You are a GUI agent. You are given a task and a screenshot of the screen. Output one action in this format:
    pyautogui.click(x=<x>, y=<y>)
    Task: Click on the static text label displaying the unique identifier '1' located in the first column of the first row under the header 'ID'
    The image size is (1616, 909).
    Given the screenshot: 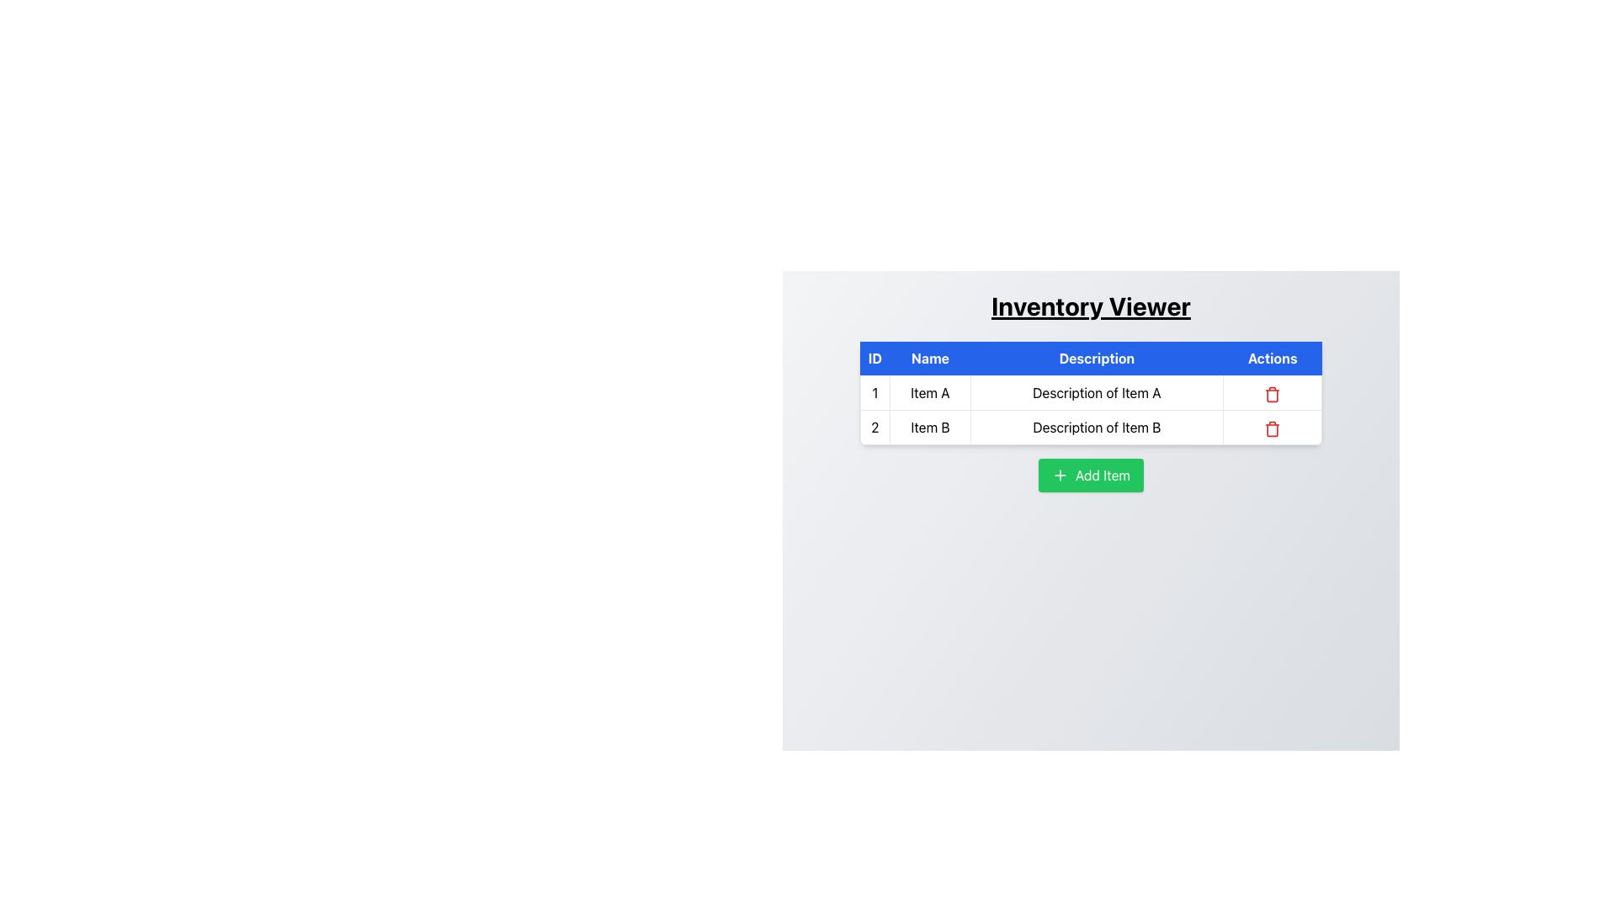 What is the action you would take?
    pyautogui.click(x=874, y=392)
    